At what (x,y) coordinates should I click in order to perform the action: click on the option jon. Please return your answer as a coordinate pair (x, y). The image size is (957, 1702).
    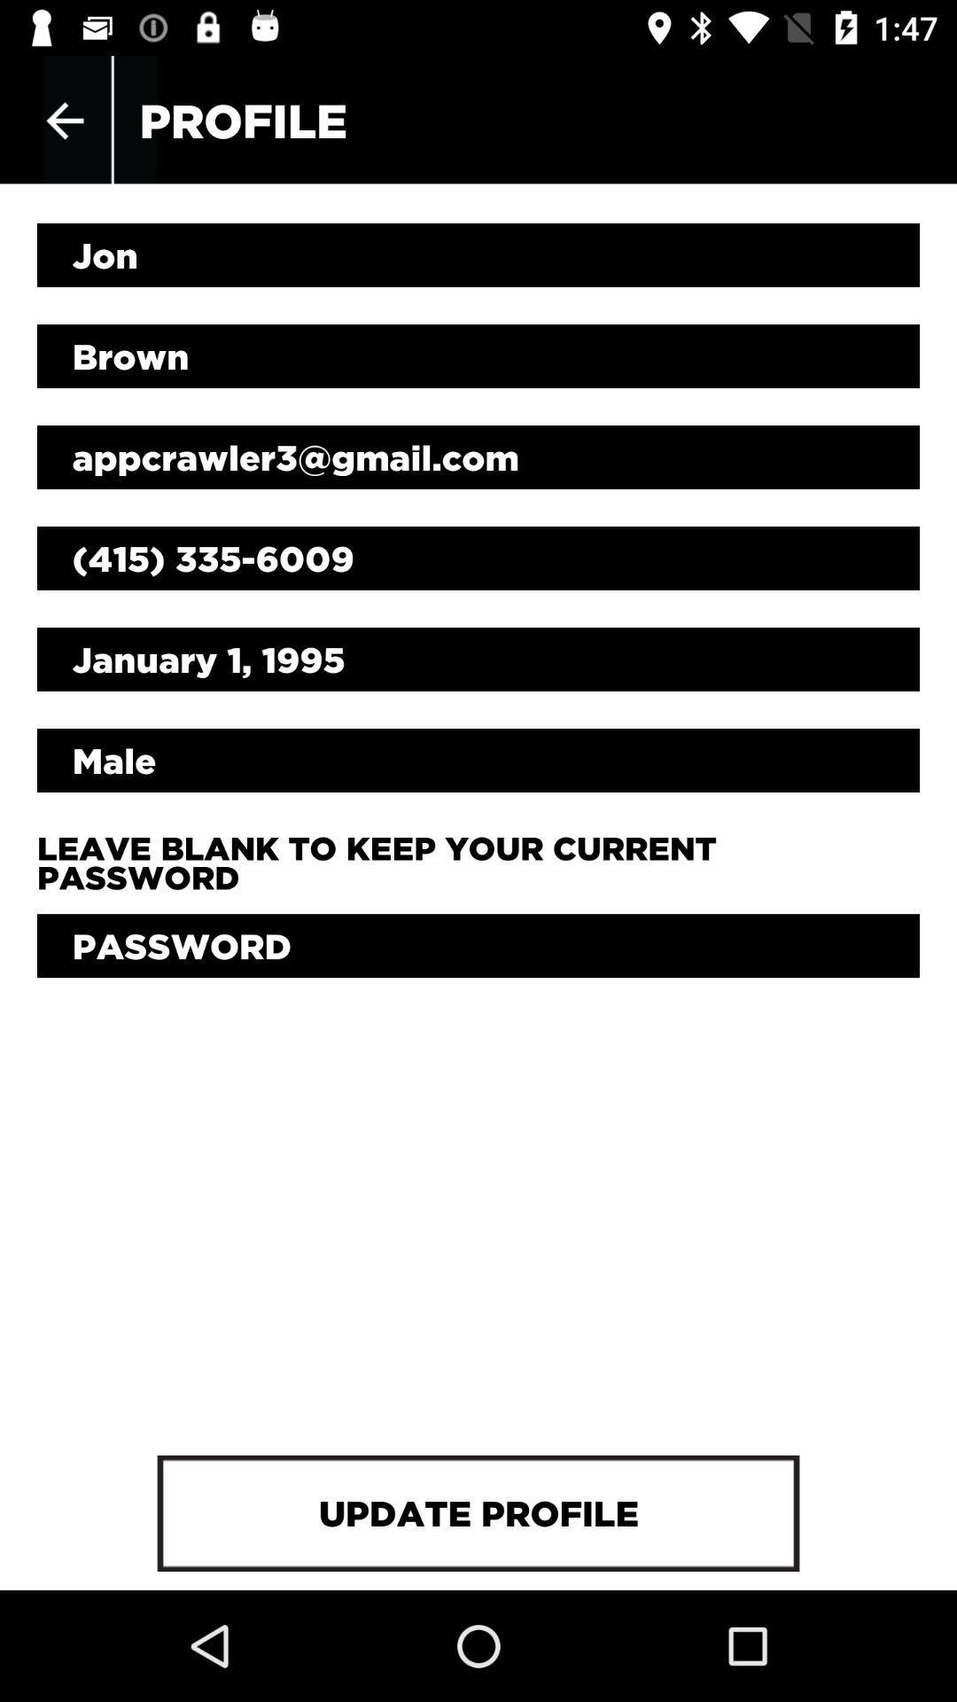
    Looking at the image, I should click on (478, 254).